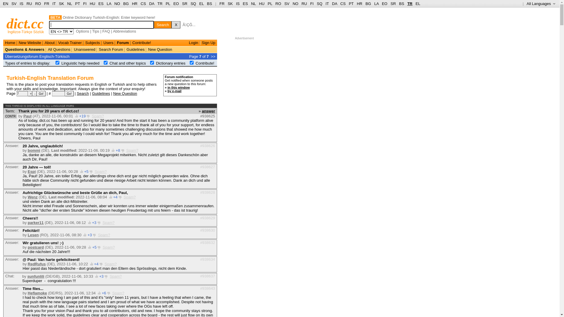 The height and width of the screenshot is (317, 564). I want to click on '#938634', so click(207, 259).